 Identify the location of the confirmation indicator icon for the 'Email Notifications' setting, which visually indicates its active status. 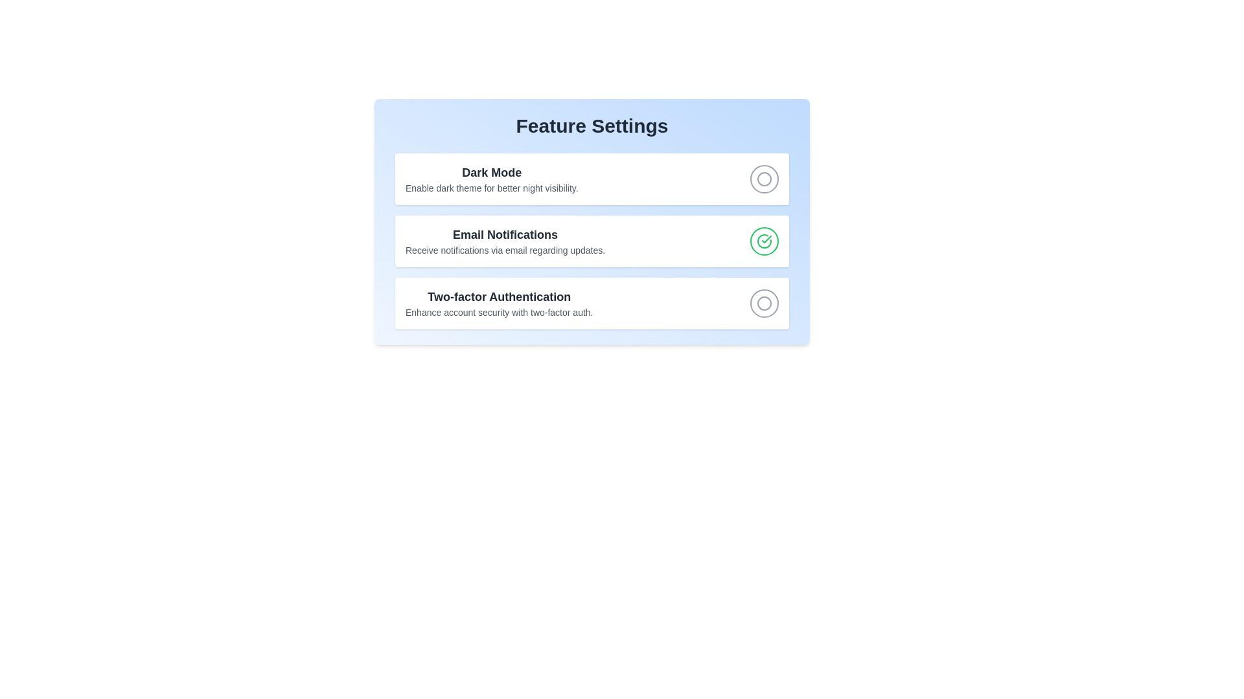
(765, 241).